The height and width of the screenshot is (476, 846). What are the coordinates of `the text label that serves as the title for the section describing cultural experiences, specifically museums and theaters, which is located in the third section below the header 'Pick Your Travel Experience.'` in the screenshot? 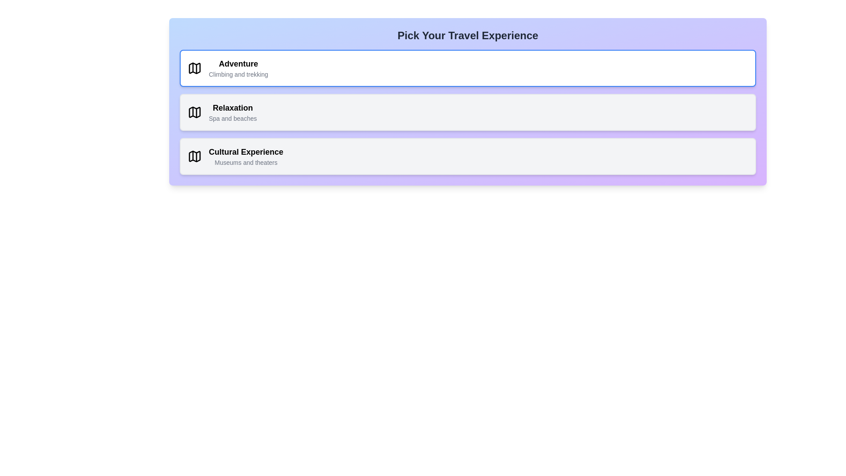 It's located at (246, 151).